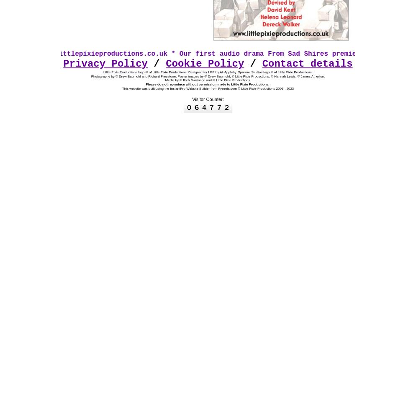 This screenshot has height=419, width=416. What do you see at coordinates (207, 80) in the screenshot?
I see `'Media by © Rich Swainson and © Little Pixie Productions.'` at bounding box center [207, 80].